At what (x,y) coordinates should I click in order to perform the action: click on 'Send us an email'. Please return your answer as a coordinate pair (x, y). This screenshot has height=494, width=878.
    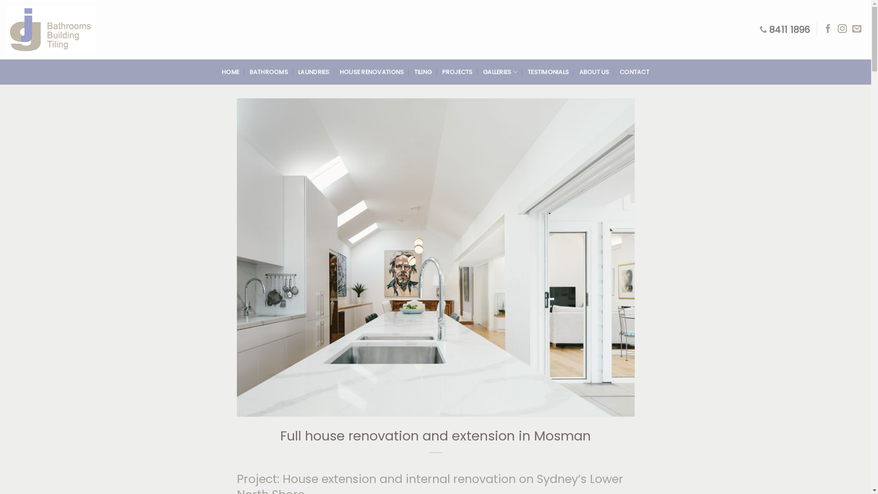
    Looking at the image, I should click on (856, 29).